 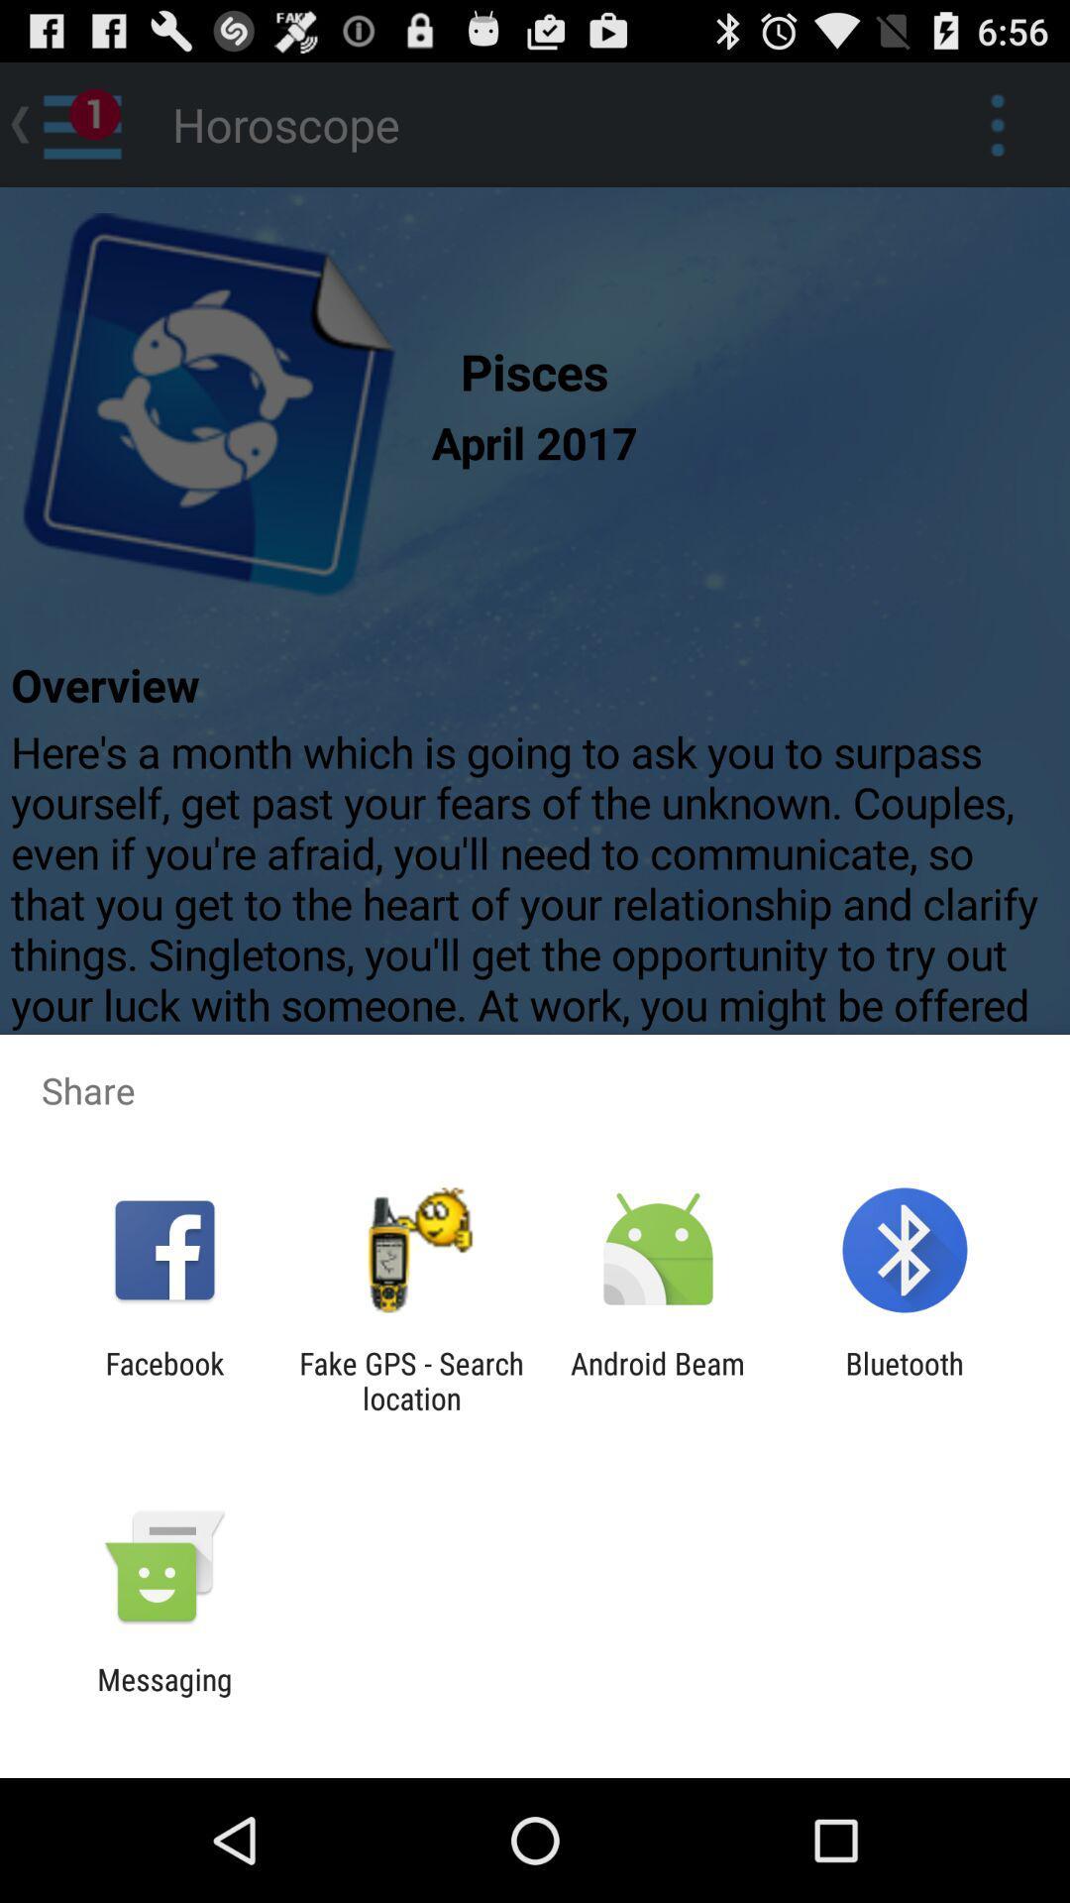 What do you see at coordinates (163, 1380) in the screenshot?
I see `facebook icon` at bounding box center [163, 1380].